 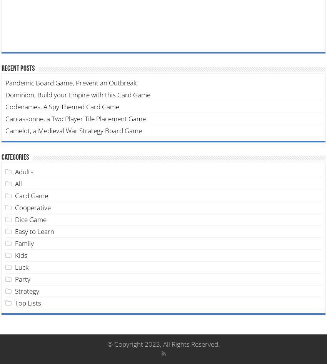 I want to click on 'Family', so click(x=15, y=243).